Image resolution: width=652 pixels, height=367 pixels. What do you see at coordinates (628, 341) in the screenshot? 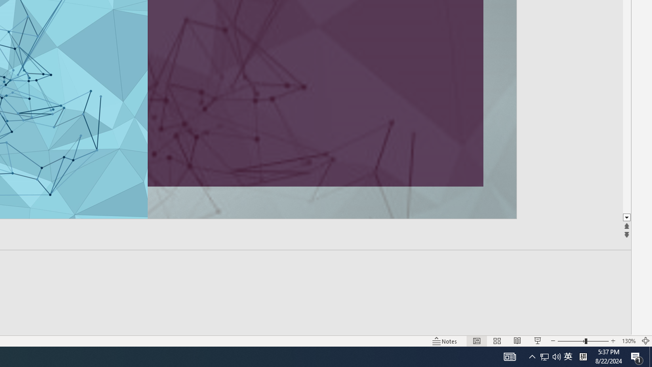
I see `'Zoom 130%'` at bounding box center [628, 341].